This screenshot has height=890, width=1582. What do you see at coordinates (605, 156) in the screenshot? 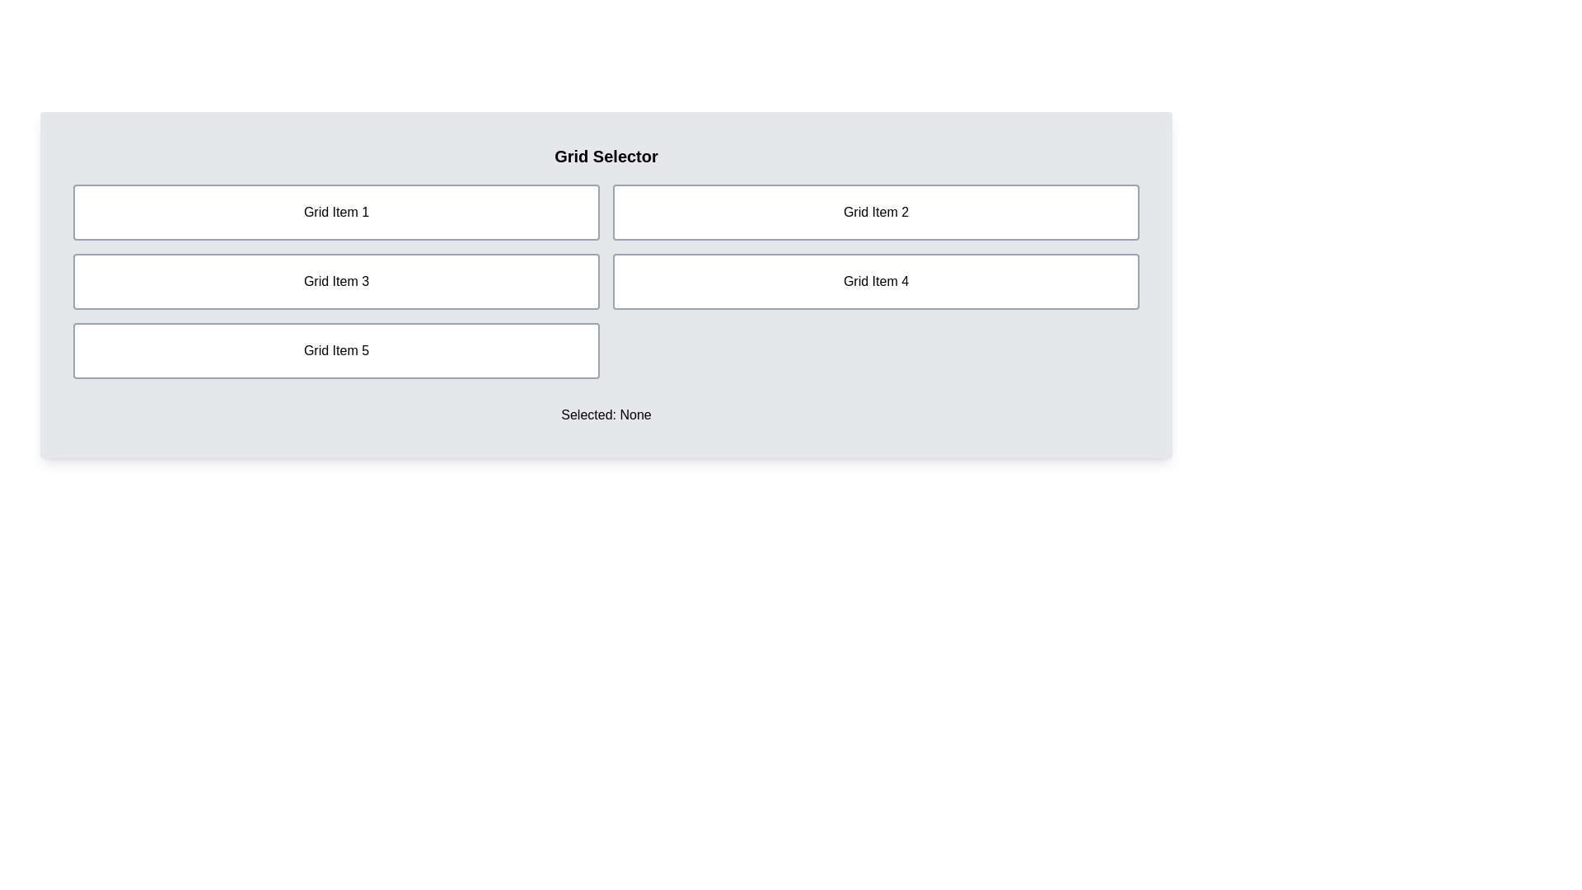
I see `the bold, large font text component displaying 'Grid Selector' located at the top of the light gray background panel` at bounding box center [605, 156].